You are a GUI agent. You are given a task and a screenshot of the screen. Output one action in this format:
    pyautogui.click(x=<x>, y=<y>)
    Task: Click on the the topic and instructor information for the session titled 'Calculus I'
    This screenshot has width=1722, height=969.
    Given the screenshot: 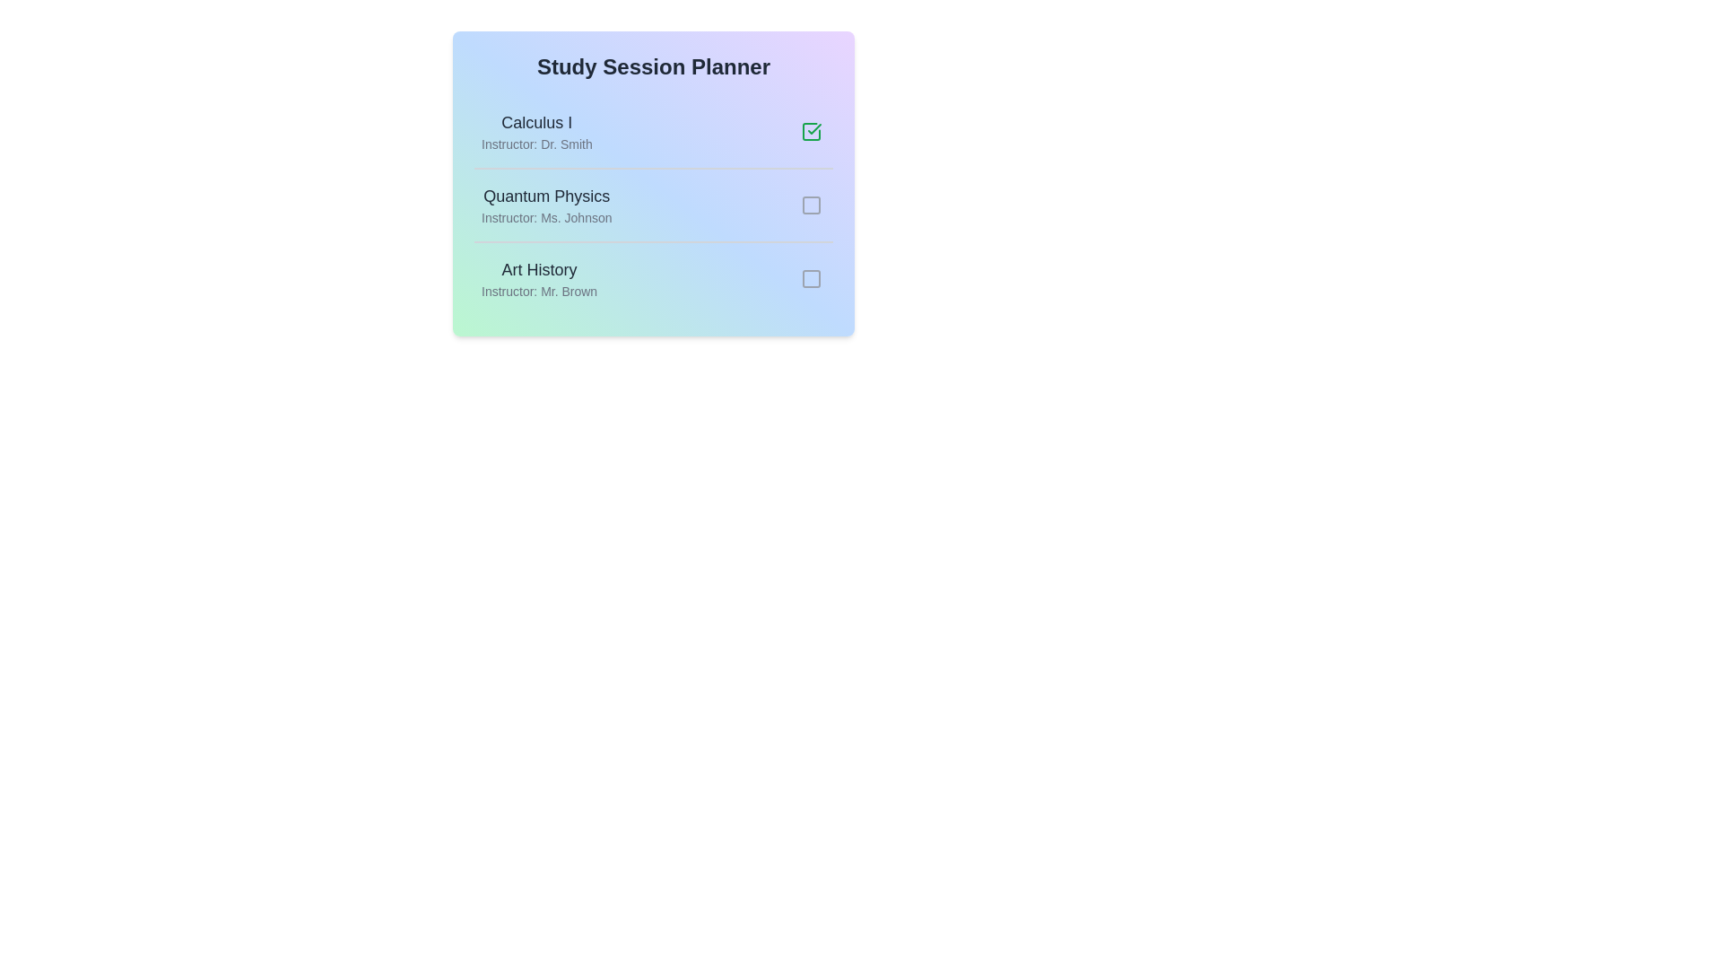 What is the action you would take?
    pyautogui.click(x=535, y=122)
    